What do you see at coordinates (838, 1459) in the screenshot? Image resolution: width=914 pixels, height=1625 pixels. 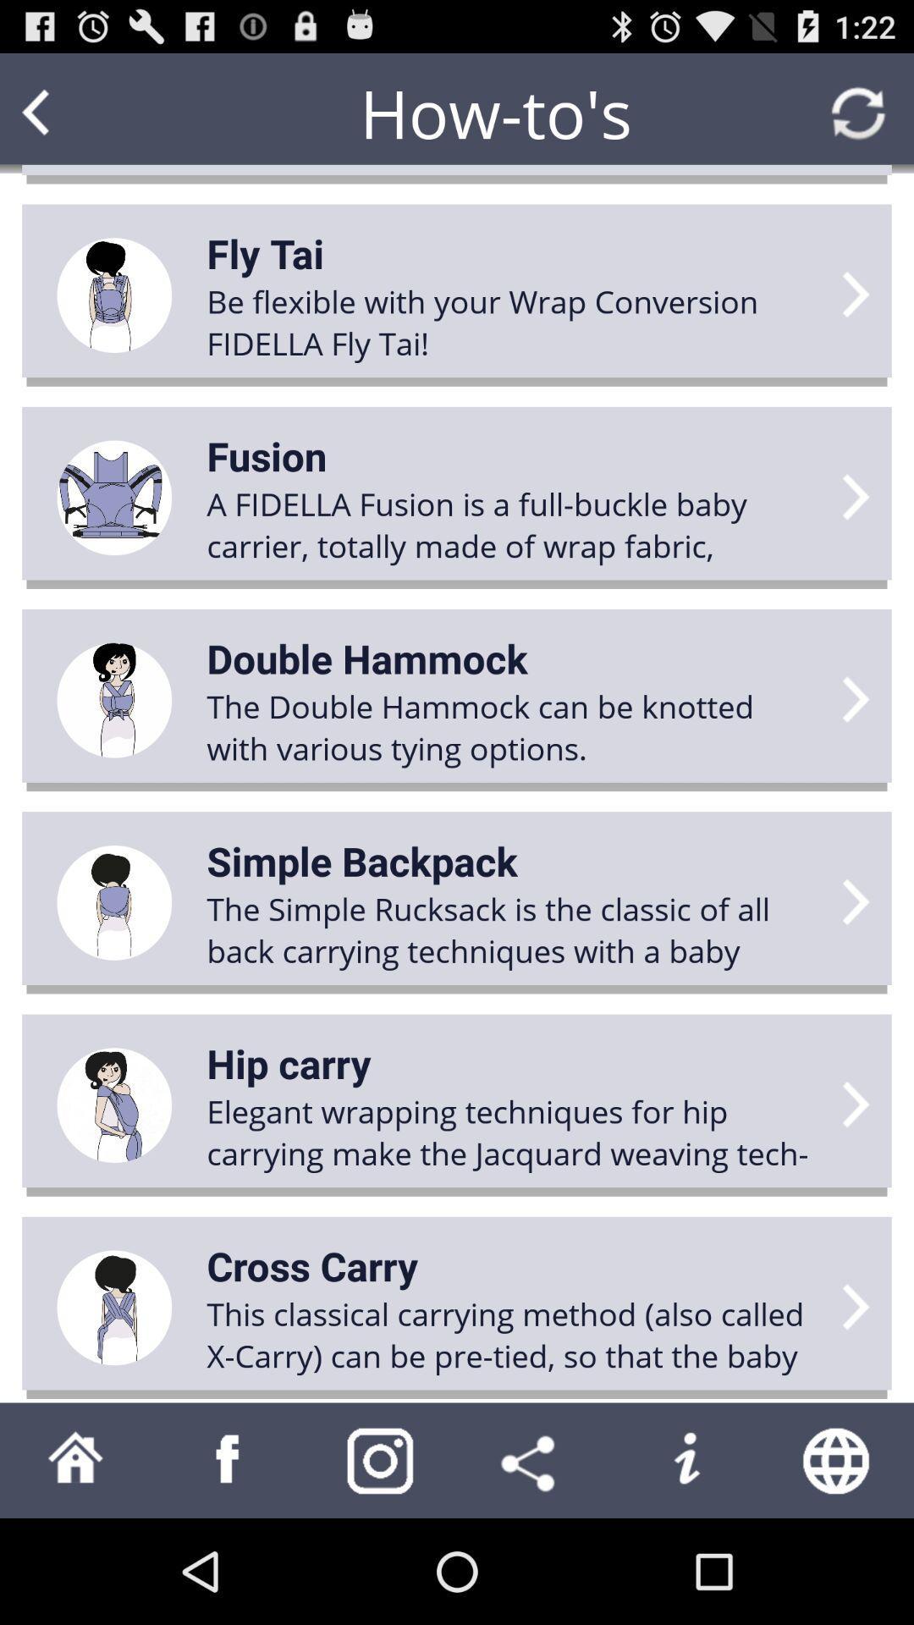 I see `accesses the web browser` at bounding box center [838, 1459].